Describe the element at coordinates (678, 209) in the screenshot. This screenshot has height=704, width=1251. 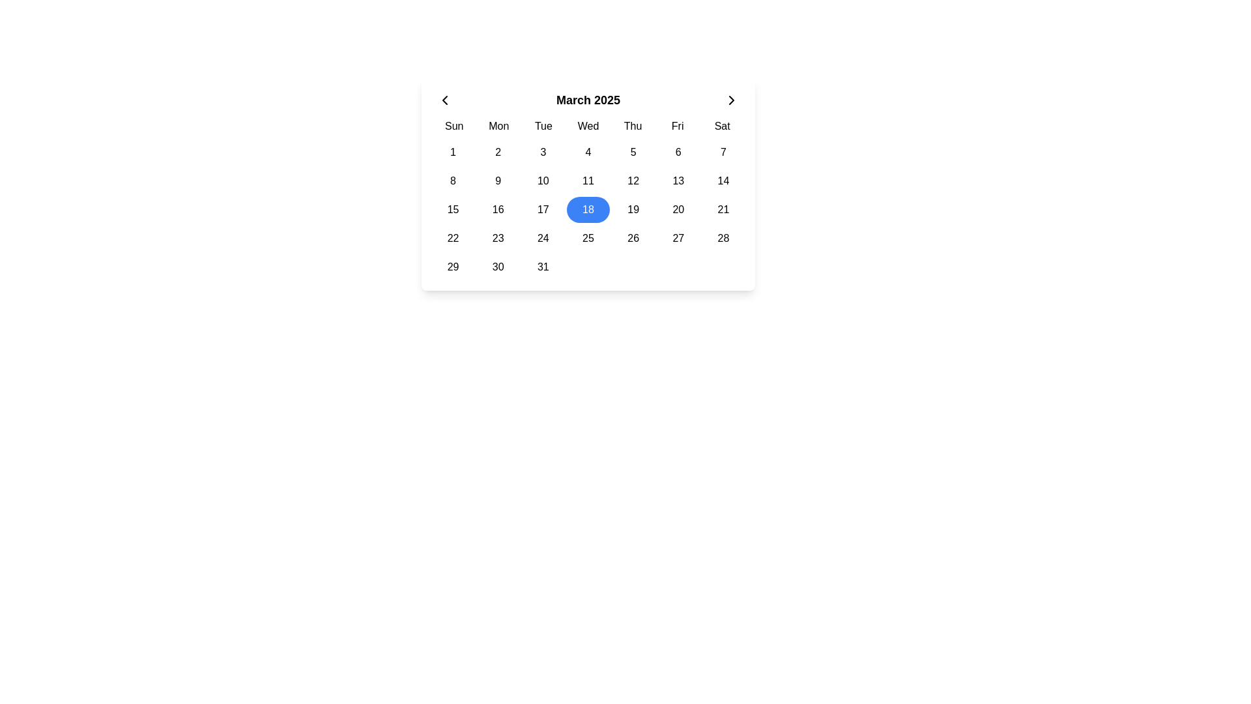
I see `the button representing the 20th day of the calendar` at that location.